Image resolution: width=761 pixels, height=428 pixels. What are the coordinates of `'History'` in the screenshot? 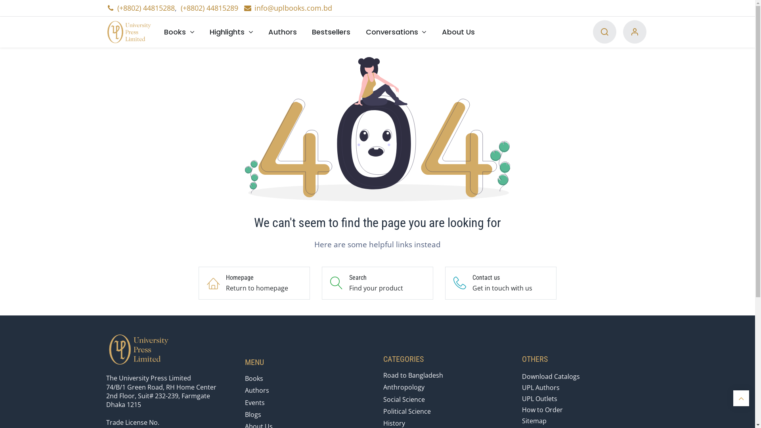 It's located at (394, 423).